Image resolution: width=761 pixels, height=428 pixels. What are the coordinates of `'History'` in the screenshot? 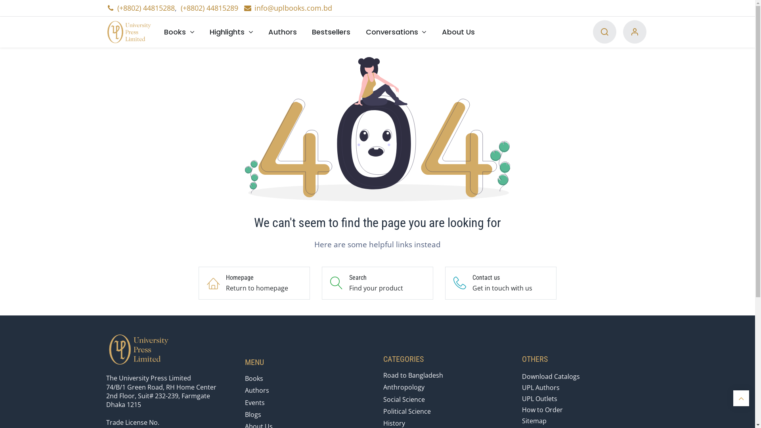 It's located at (394, 423).